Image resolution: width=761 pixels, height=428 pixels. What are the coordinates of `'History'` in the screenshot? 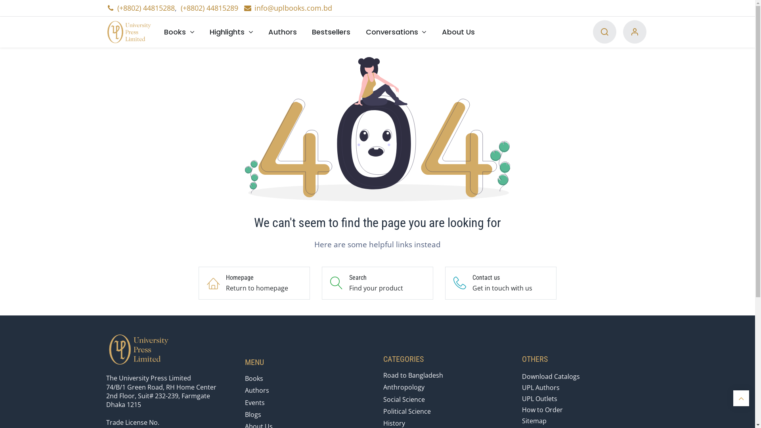 It's located at (394, 423).